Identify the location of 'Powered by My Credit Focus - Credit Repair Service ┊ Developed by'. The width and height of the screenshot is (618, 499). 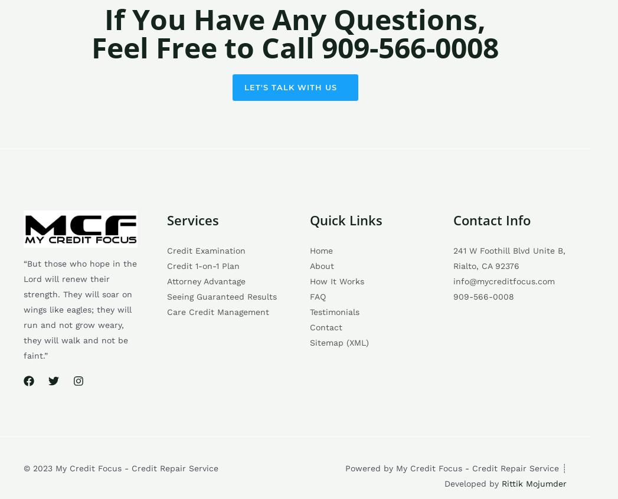
(455, 475).